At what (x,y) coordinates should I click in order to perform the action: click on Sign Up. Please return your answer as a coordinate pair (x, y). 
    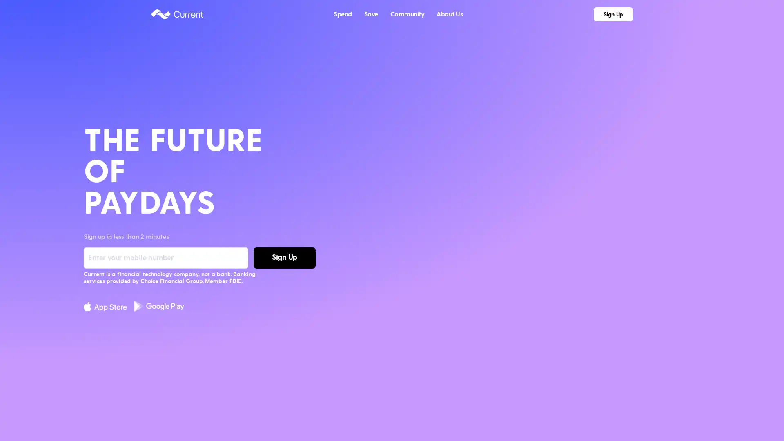
    Looking at the image, I should click on (284, 258).